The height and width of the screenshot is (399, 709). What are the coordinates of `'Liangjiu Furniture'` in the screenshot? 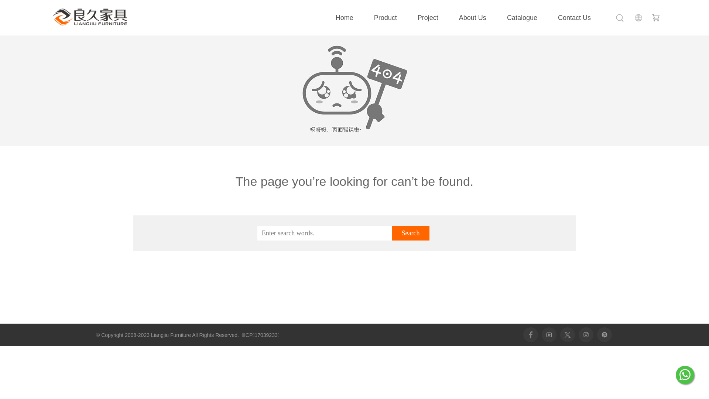 It's located at (89, 17).